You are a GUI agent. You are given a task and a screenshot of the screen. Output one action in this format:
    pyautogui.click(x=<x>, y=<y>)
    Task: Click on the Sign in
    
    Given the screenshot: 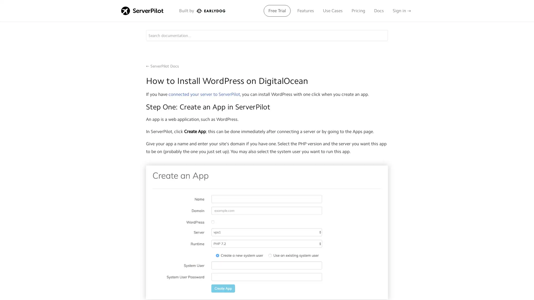 What is the action you would take?
    pyautogui.click(x=402, y=11)
    